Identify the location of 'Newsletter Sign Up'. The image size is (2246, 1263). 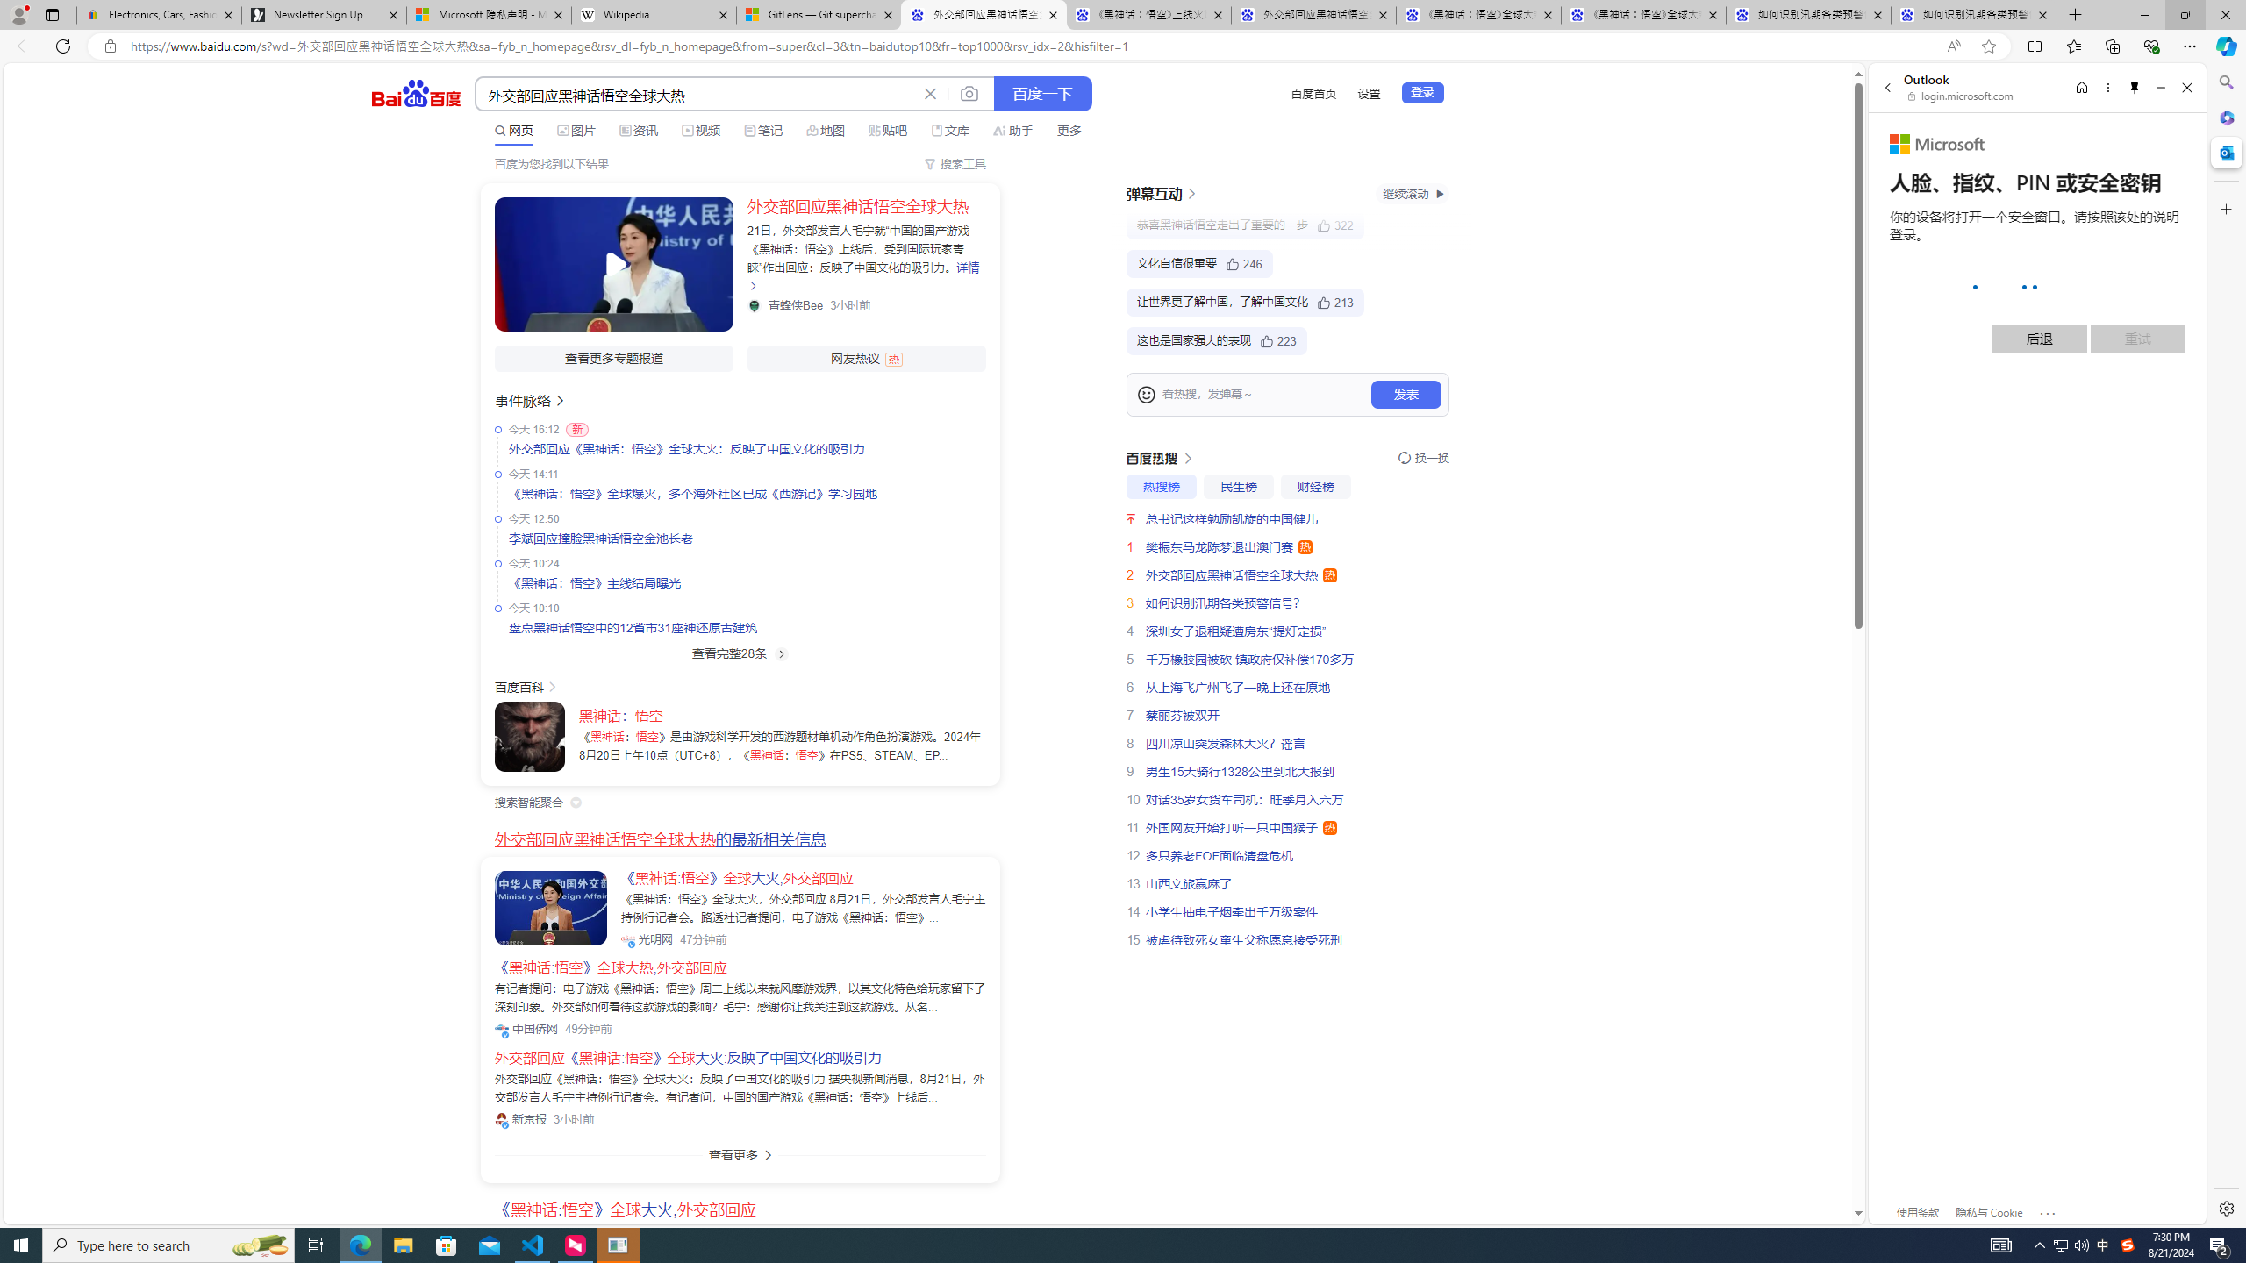
(322, 14).